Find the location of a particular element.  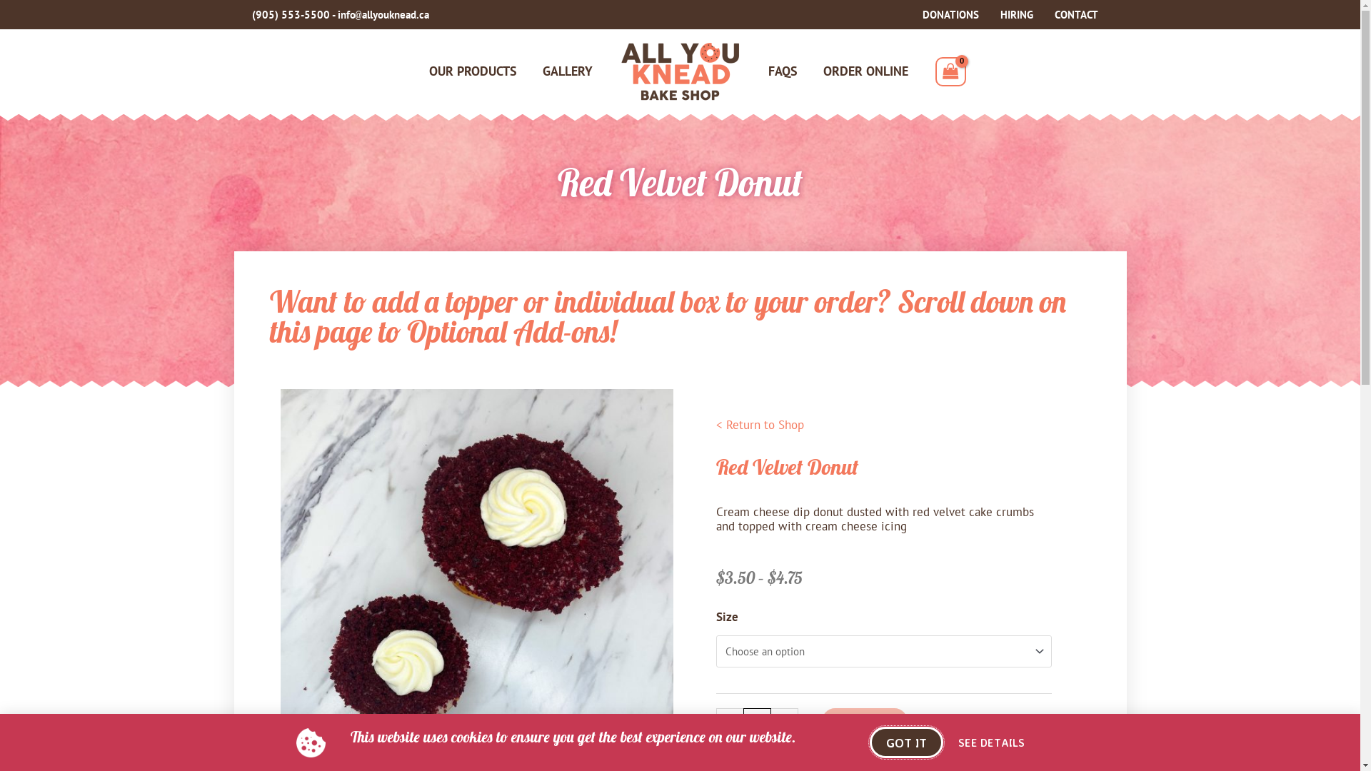

'CONTACT' is located at coordinates (1076, 14).